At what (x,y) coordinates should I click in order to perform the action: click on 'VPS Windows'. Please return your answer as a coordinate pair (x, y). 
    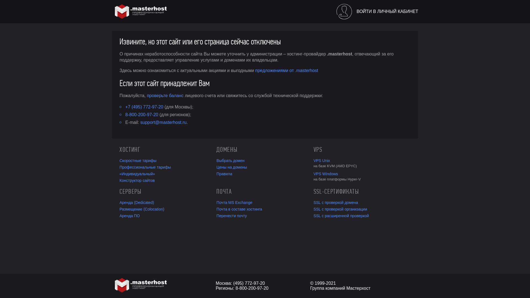
    Looking at the image, I should click on (314, 173).